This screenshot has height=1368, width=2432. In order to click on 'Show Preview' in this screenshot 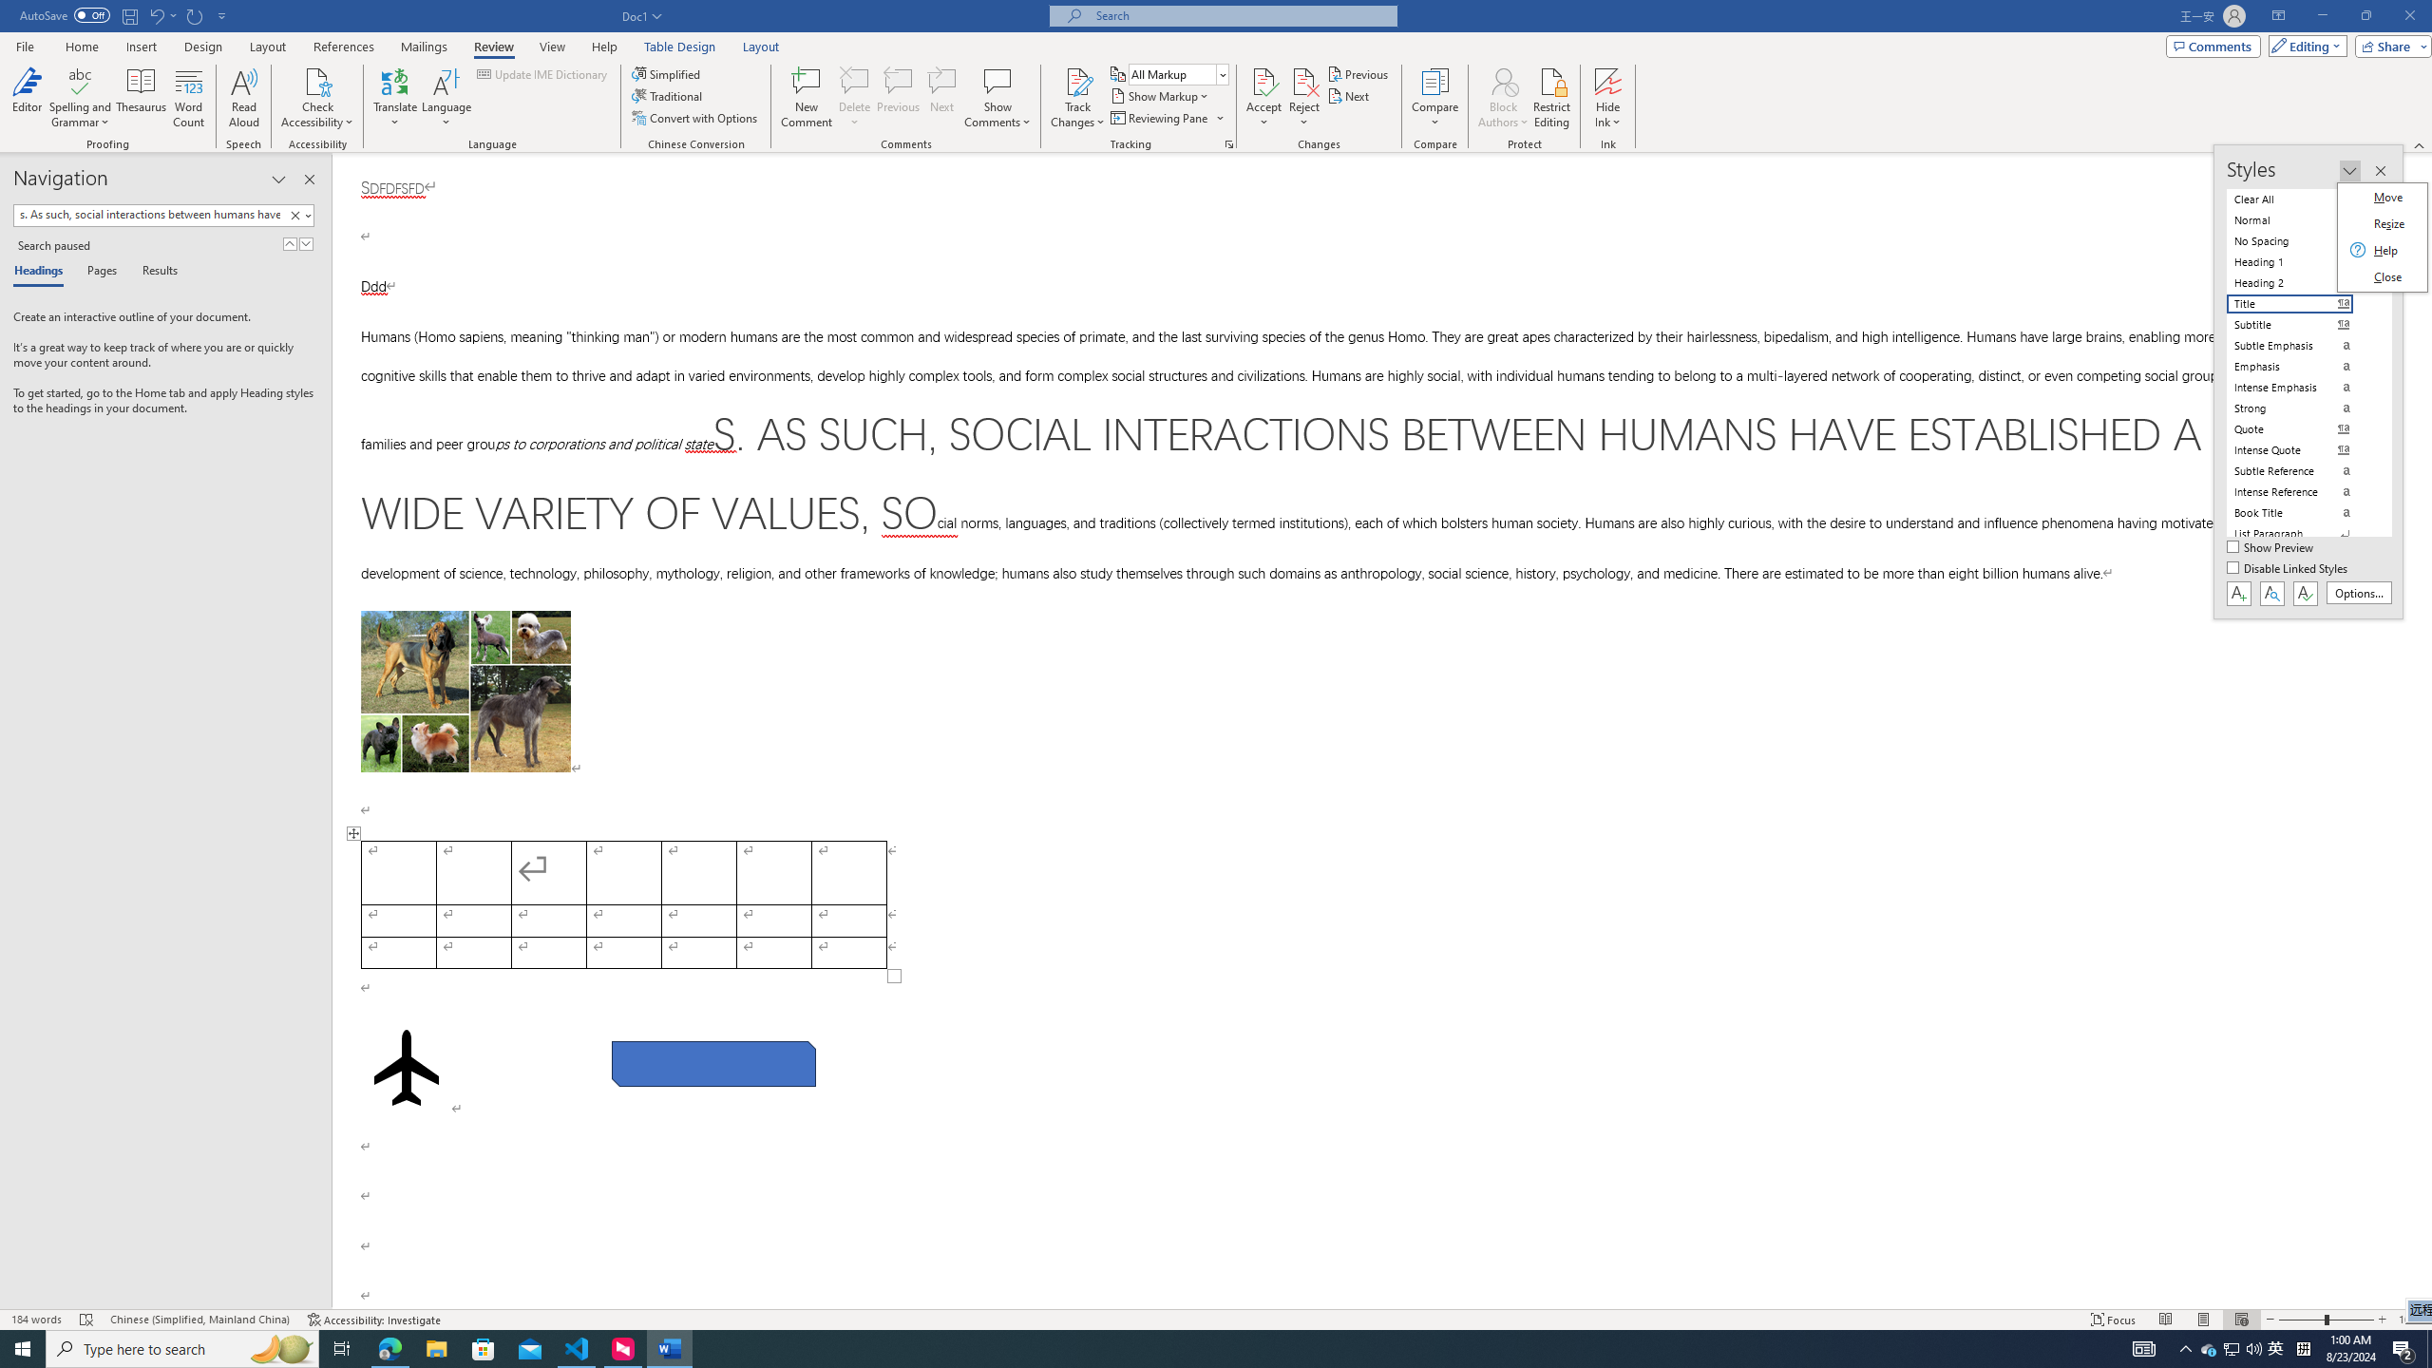, I will do `click(2272, 548)`.